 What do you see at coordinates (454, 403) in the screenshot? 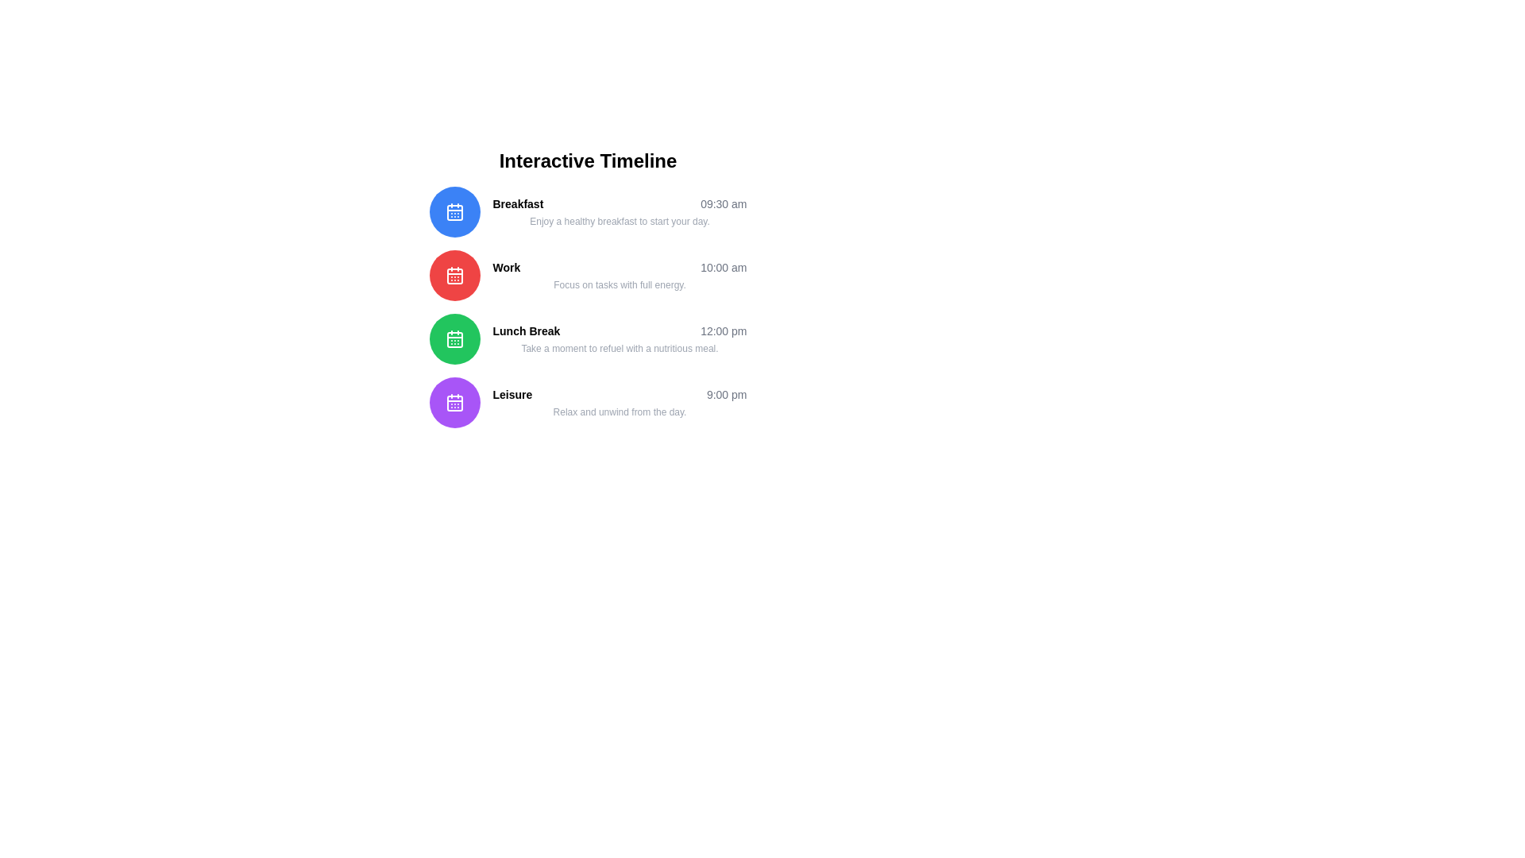
I see `the white rectangular shape with rounded corners in the calendar icon associated with the 'Leisure' section, which is the fourth item in the timeline` at bounding box center [454, 403].